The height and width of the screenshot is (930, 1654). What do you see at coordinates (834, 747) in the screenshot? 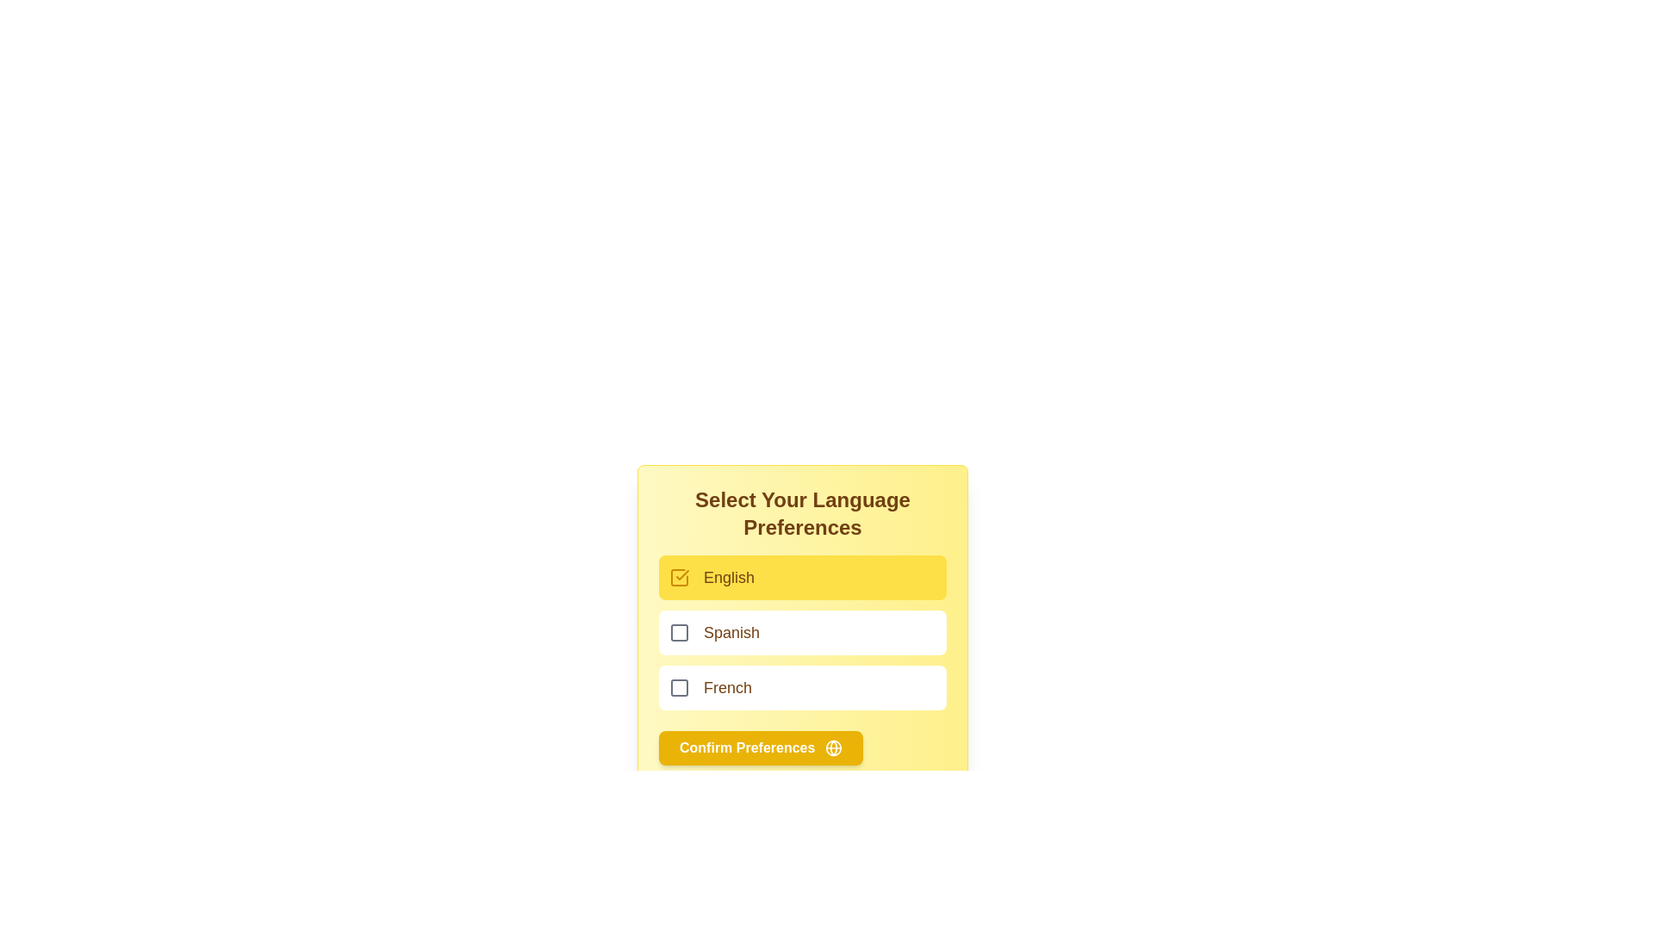
I see `the globe icon located to the right of the 'Confirm Preferences' text inside the yellow rectangular button at the bottom of the language selection form` at bounding box center [834, 747].